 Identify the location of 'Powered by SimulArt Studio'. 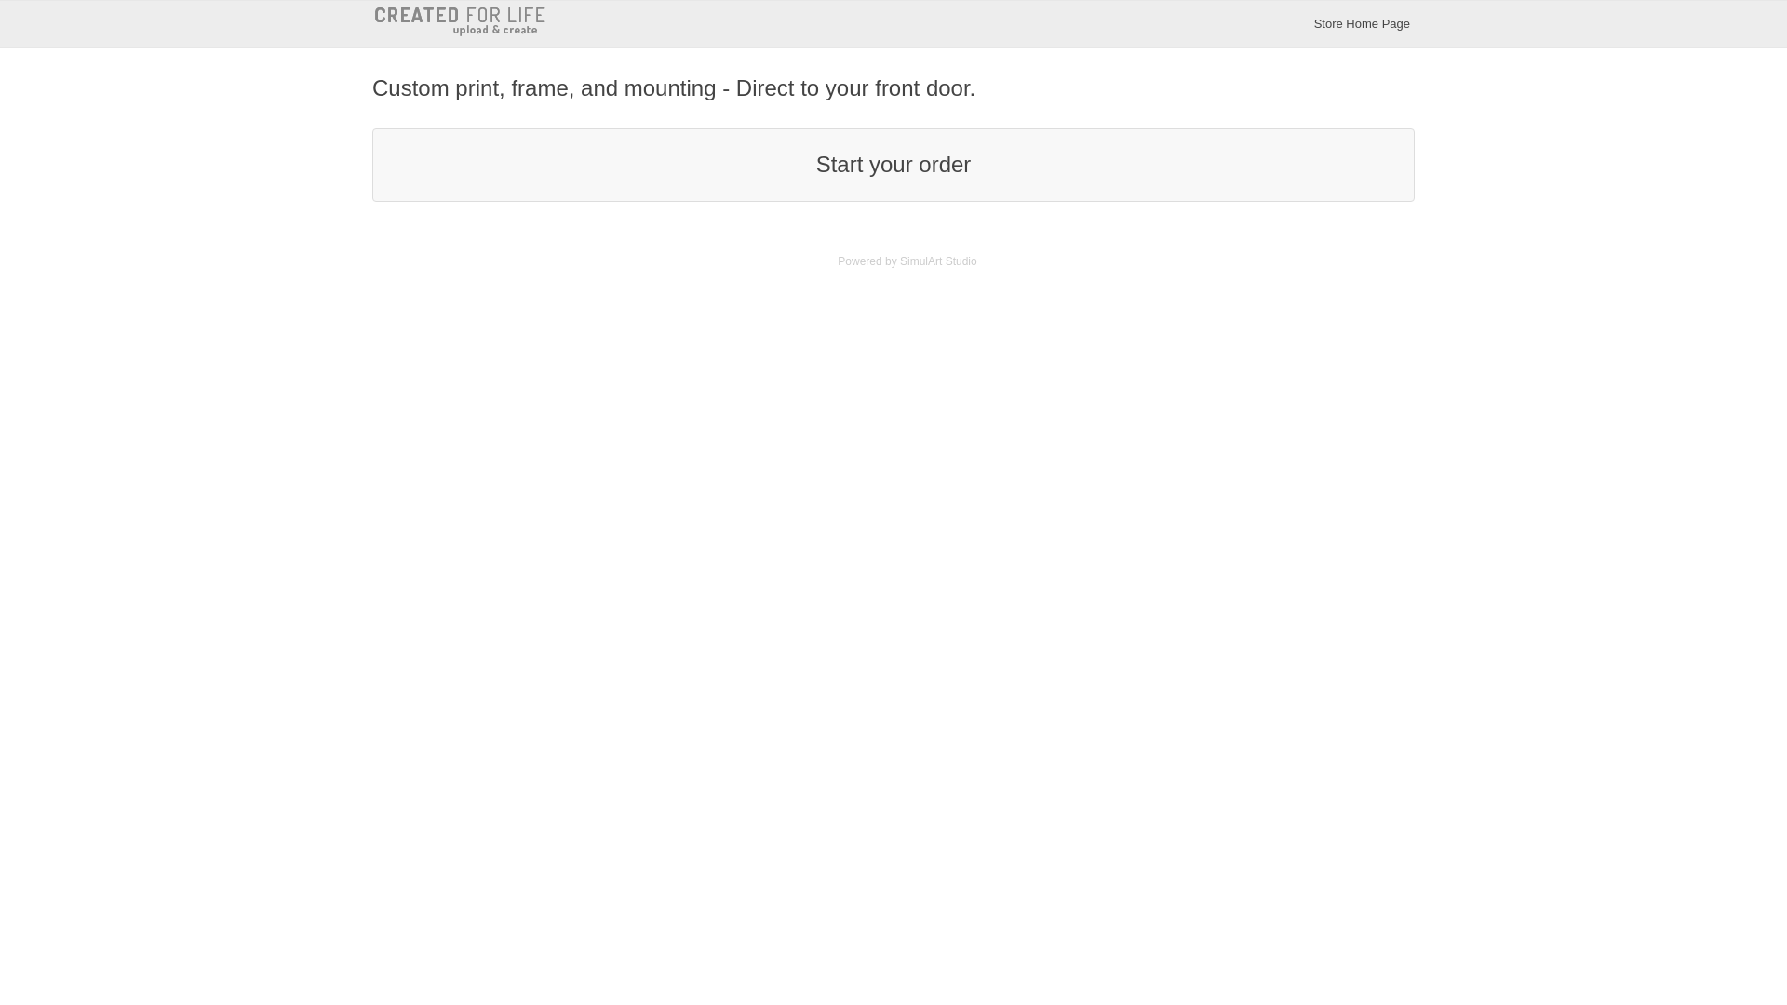
(907, 261).